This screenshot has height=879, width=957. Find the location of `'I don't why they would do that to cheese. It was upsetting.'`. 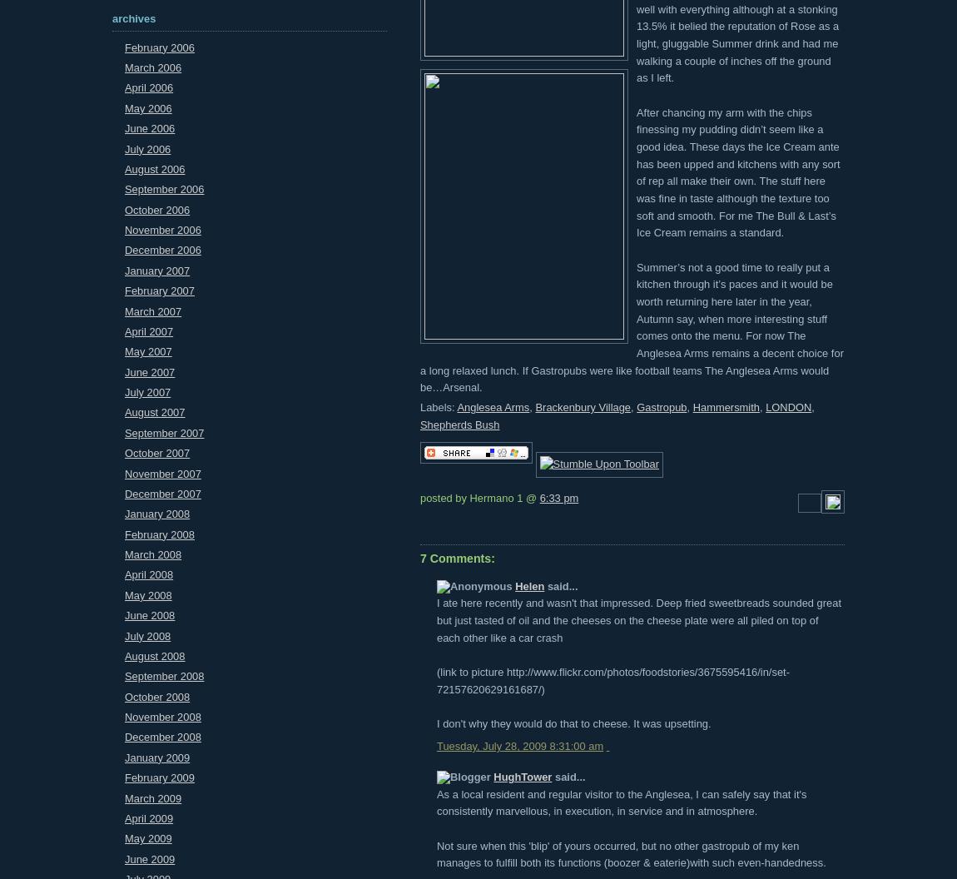

'I don't why they would do that to cheese. It was upsetting.' is located at coordinates (573, 723).